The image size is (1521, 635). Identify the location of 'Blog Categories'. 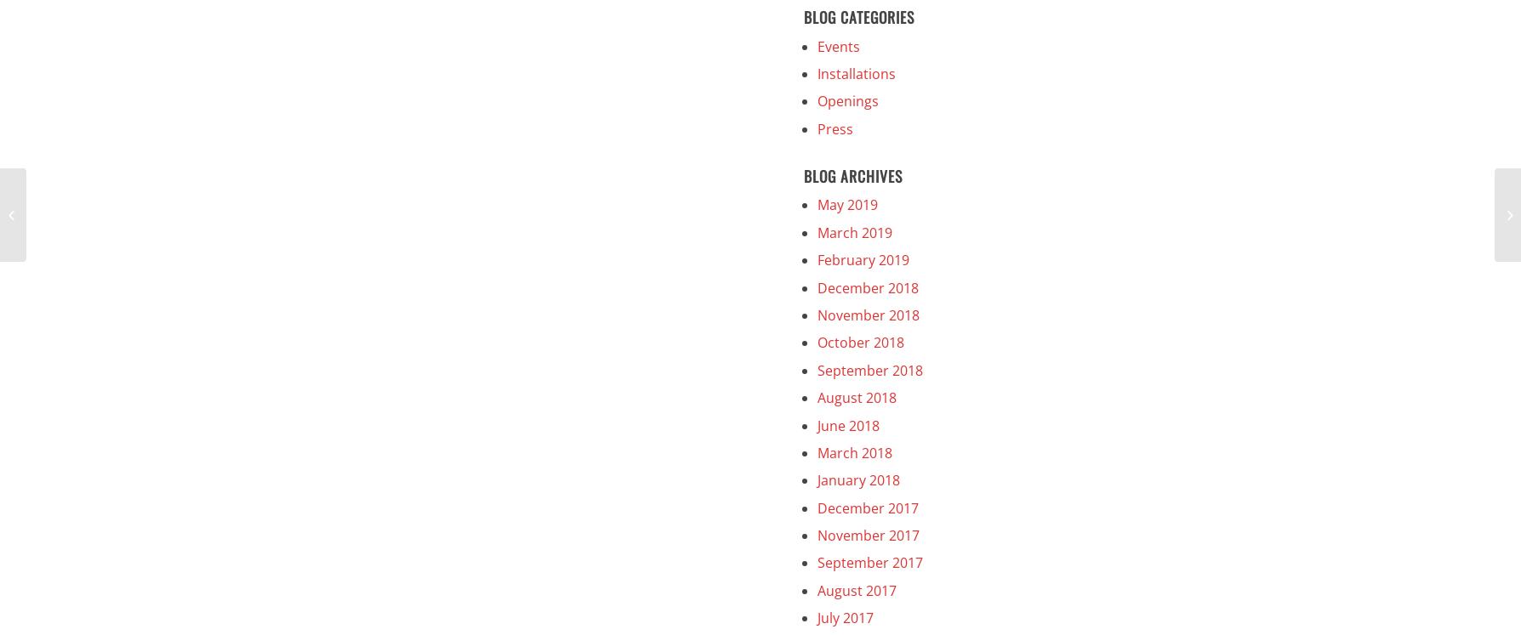
(857, 17).